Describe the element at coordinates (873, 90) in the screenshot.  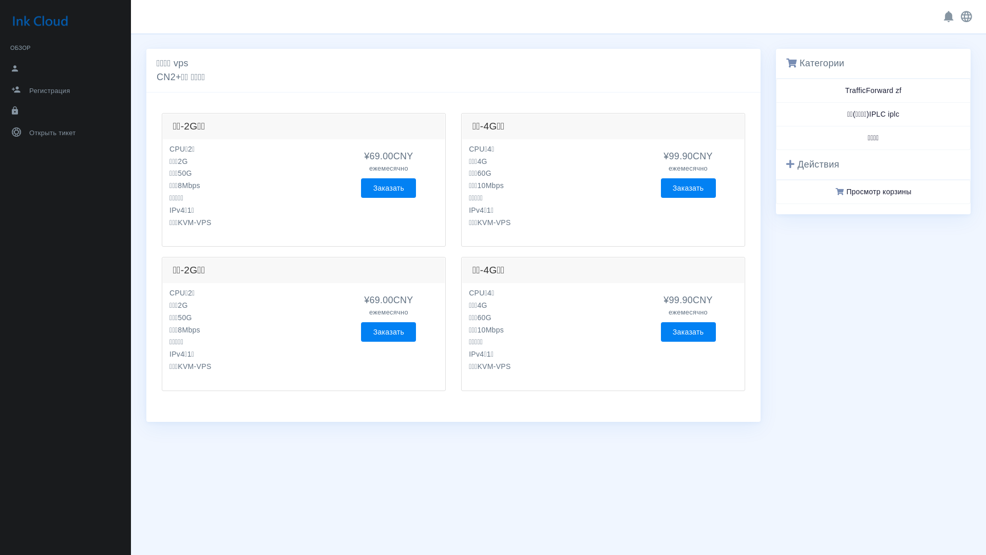
I see `'TrafficForward zf'` at that location.